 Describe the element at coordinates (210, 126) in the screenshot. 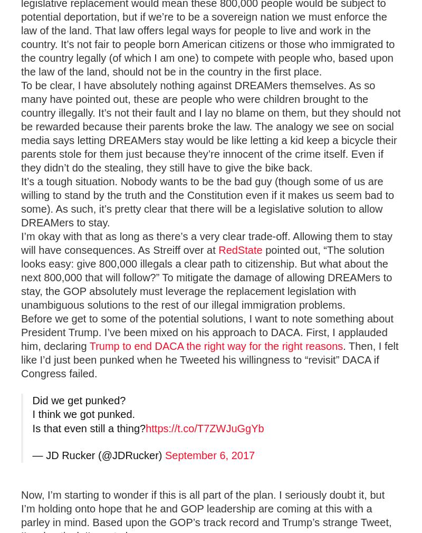

I see `'To be clear, I have absolutely nothing against DREAMers themselves. As so many have pointed out, these are people who were children brought to the country illegally. It’s not their fault and I lay no blame on them, but they should not be rewarded because their parents broke the law. The analogy we see on social media says letting DREAMers stay would be like letting a kid keep a bicycle their parents stole for them just because they’re innocent of the crime itself. Even if they didn’t do the stealing, they still have to give the bike back.'` at that location.